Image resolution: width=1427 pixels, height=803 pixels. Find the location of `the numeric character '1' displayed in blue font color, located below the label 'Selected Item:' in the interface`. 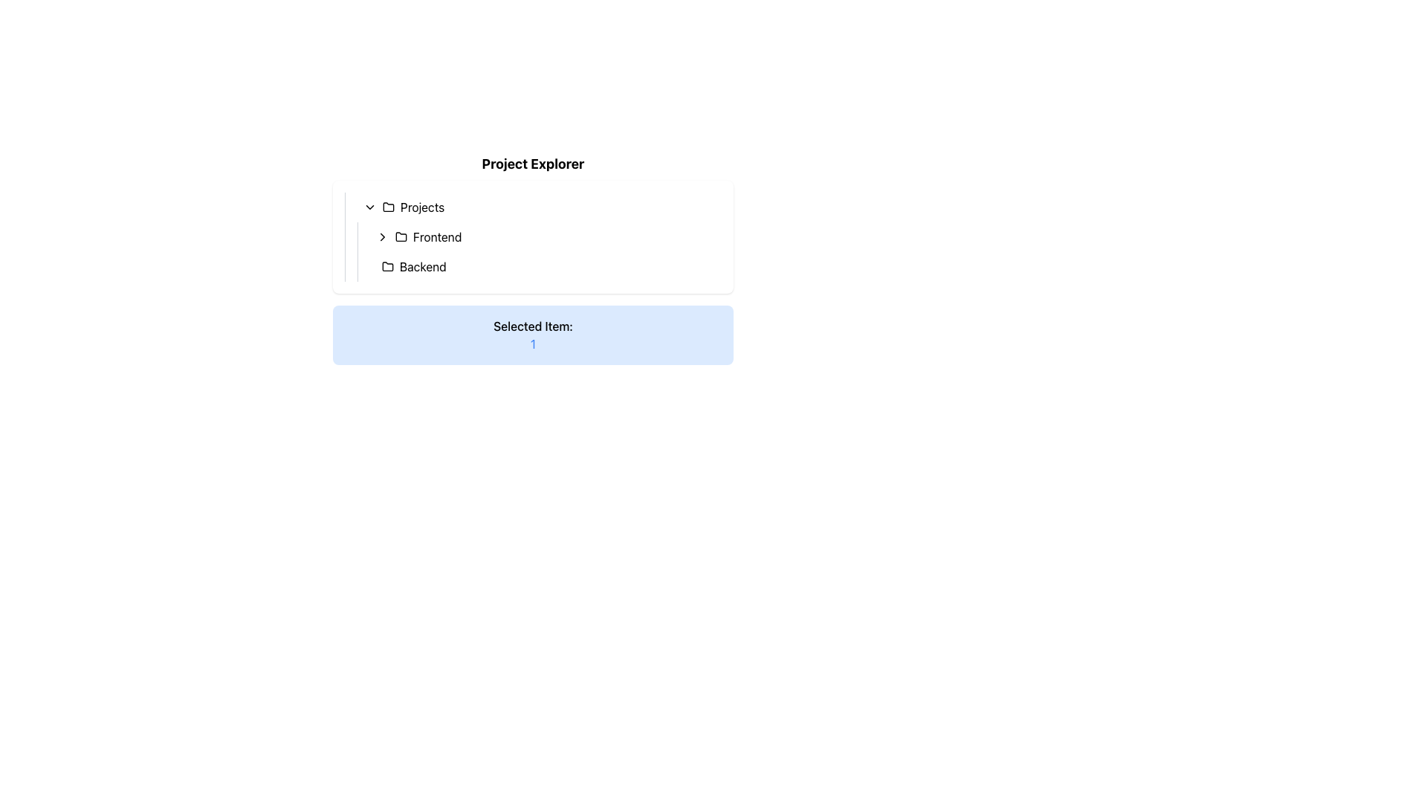

the numeric character '1' displayed in blue font color, located below the label 'Selected Item:' in the interface is located at coordinates (533, 344).